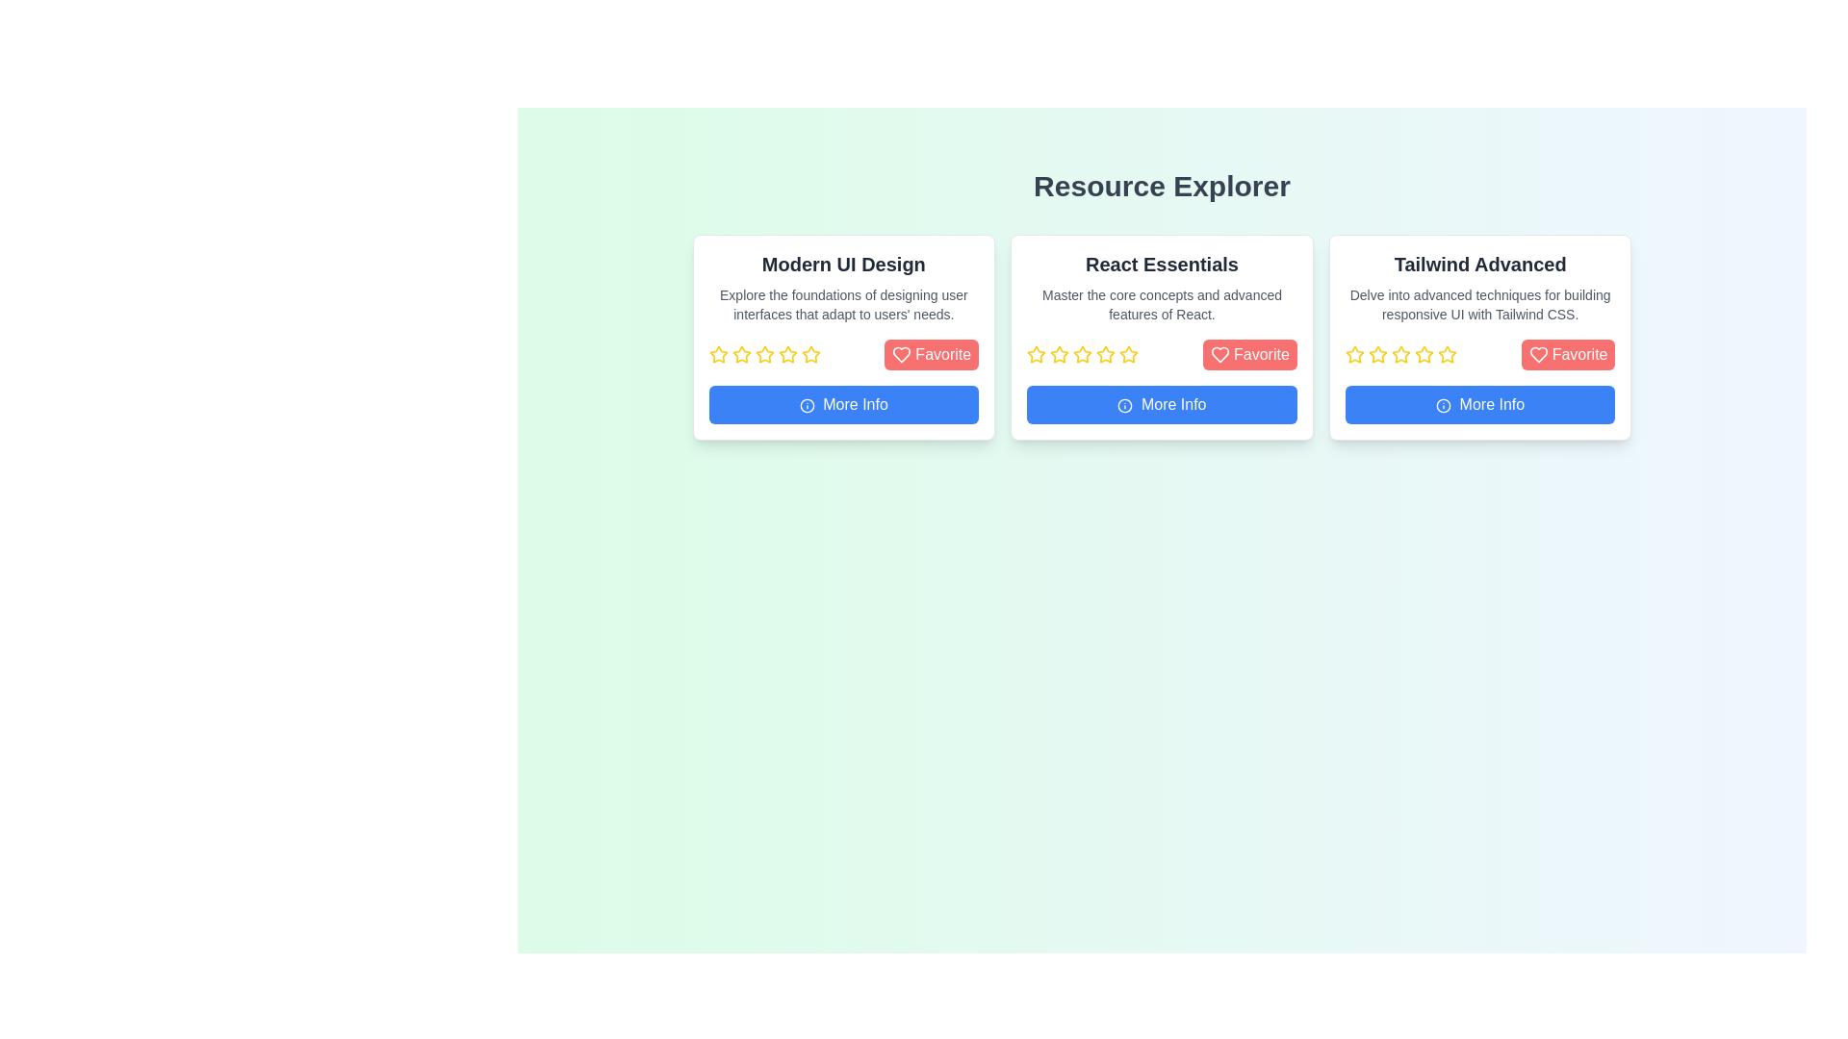  I want to click on the third yellow star icon in the rating component, which is part of a series of five stars arranged horizontally, so click(1402, 355).